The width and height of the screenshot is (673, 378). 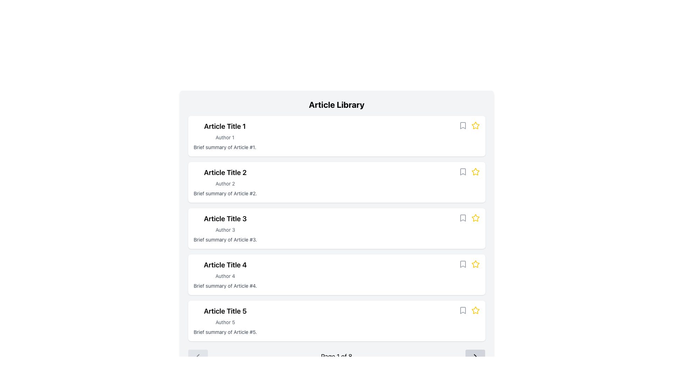 I want to click on the text summarizing 'Article Title 2', which is located below 'Author 2' and beneath 'Article Title 2' in the list, so click(x=225, y=193).